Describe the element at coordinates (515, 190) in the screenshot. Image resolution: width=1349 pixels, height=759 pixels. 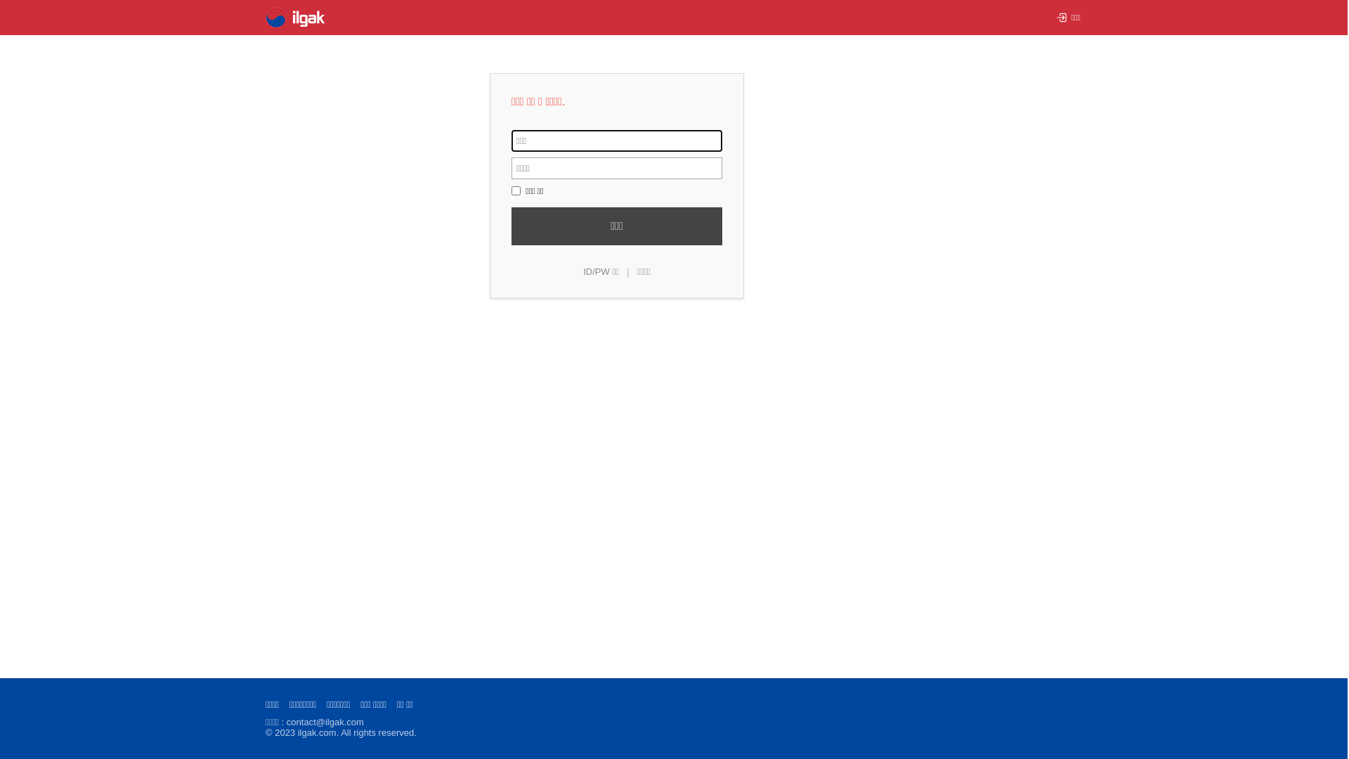
I see `'Y'` at that location.